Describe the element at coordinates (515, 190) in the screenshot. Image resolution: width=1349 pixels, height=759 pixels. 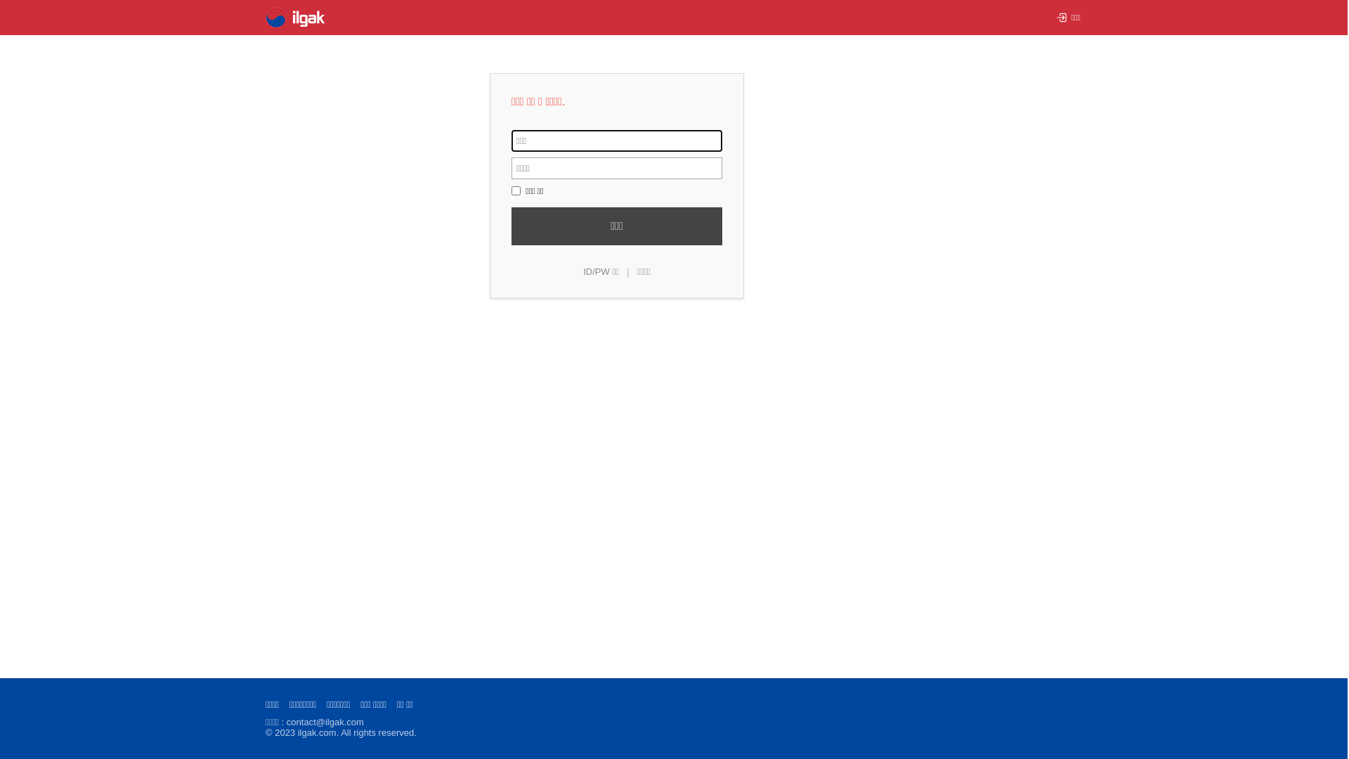
I see `'Y'` at that location.